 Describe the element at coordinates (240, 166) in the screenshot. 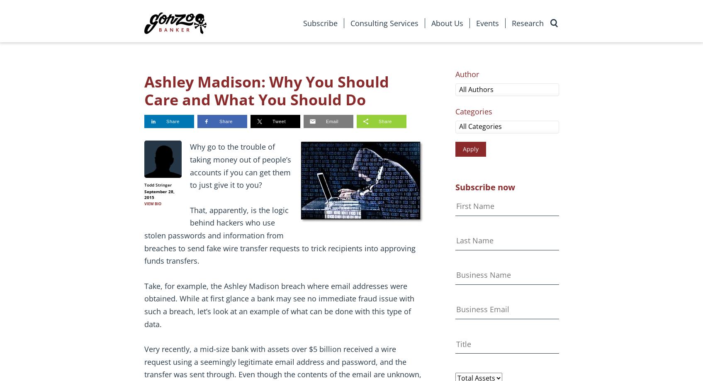

I see `'Why go to the trouble of taking money out of people’s accounts if you can get them to just give it to you?'` at that location.